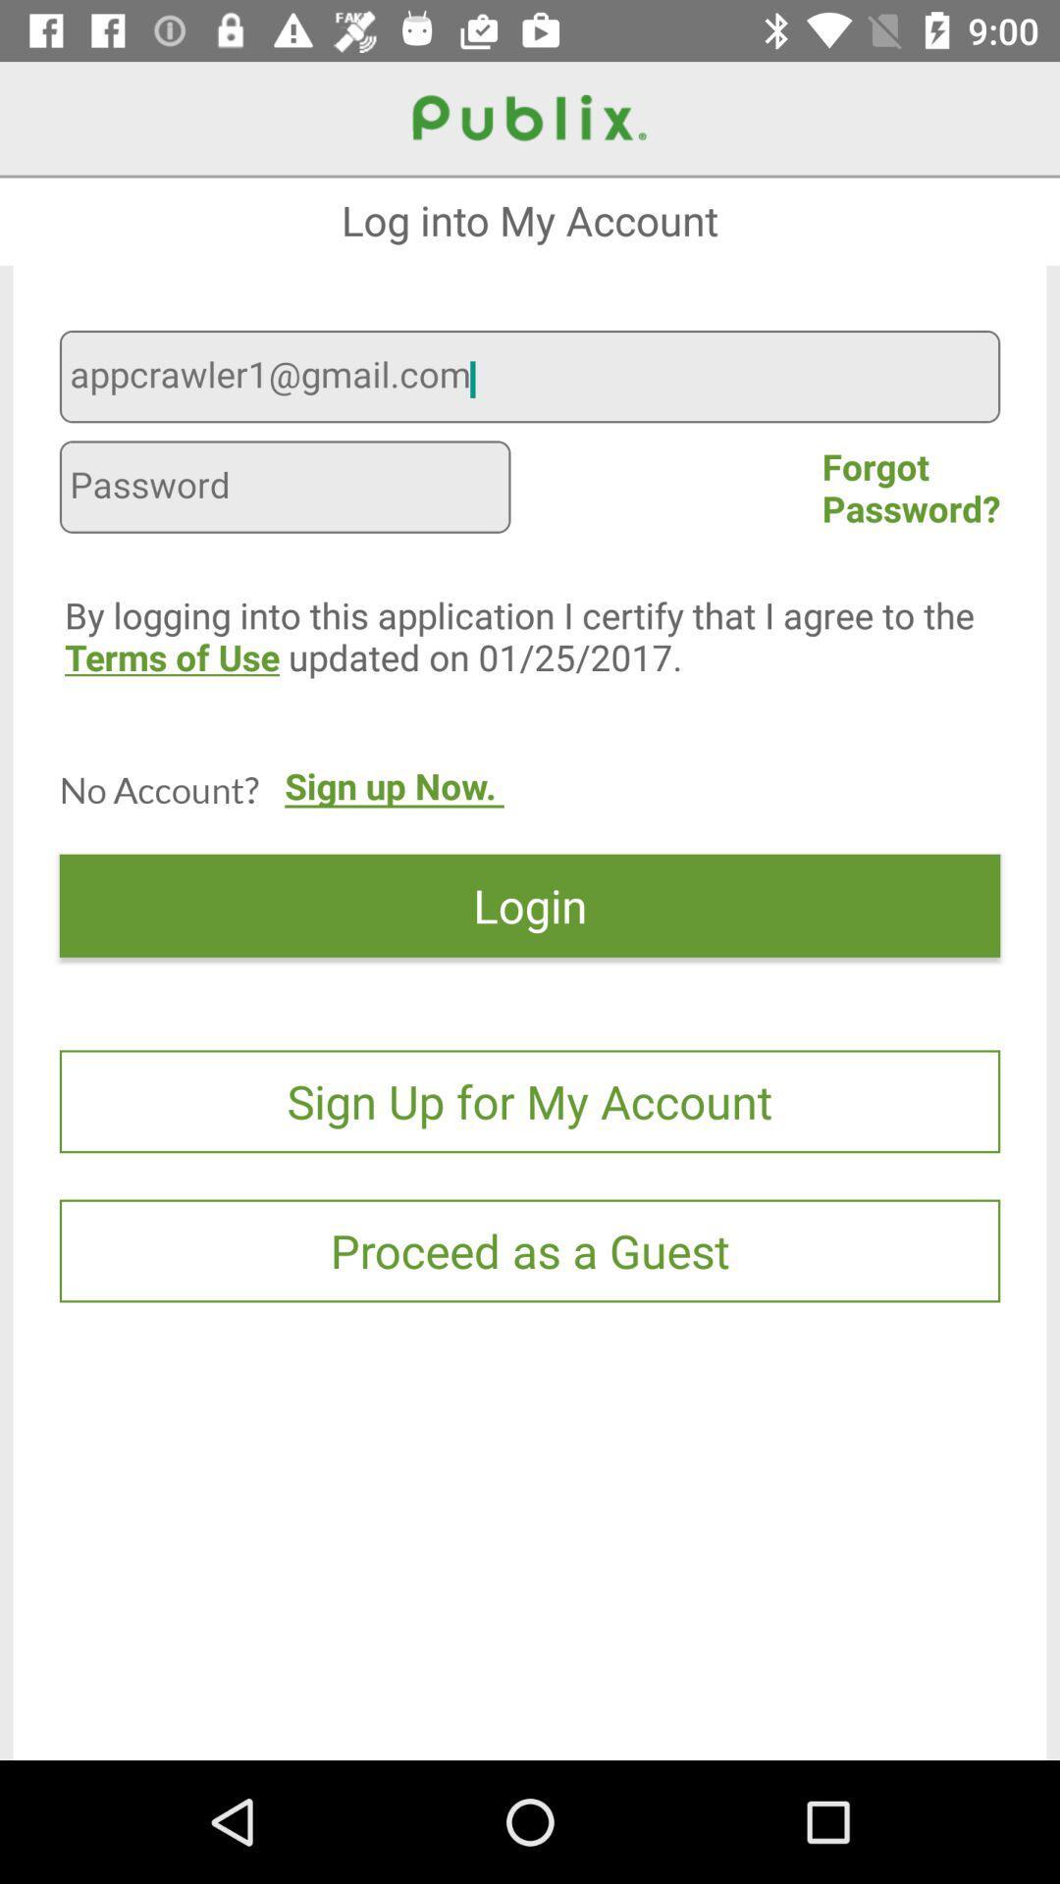 Image resolution: width=1060 pixels, height=1884 pixels. Describe the element at coordinates (158, 789) in the screenshot. I see `icon next to the sign up now. icon` at that location.